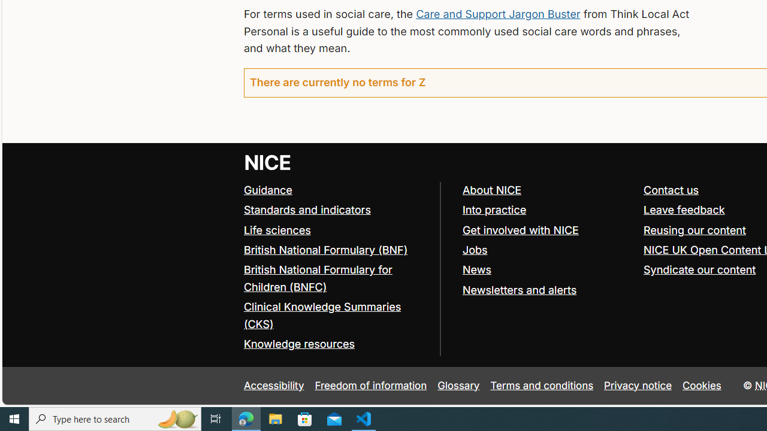 The width and height of the screenshot is (767, 431). What do you see at coordinates (520, 230) in the screenshot?
I see `'Get involved with NICE'` at bounding box center [520, 230].